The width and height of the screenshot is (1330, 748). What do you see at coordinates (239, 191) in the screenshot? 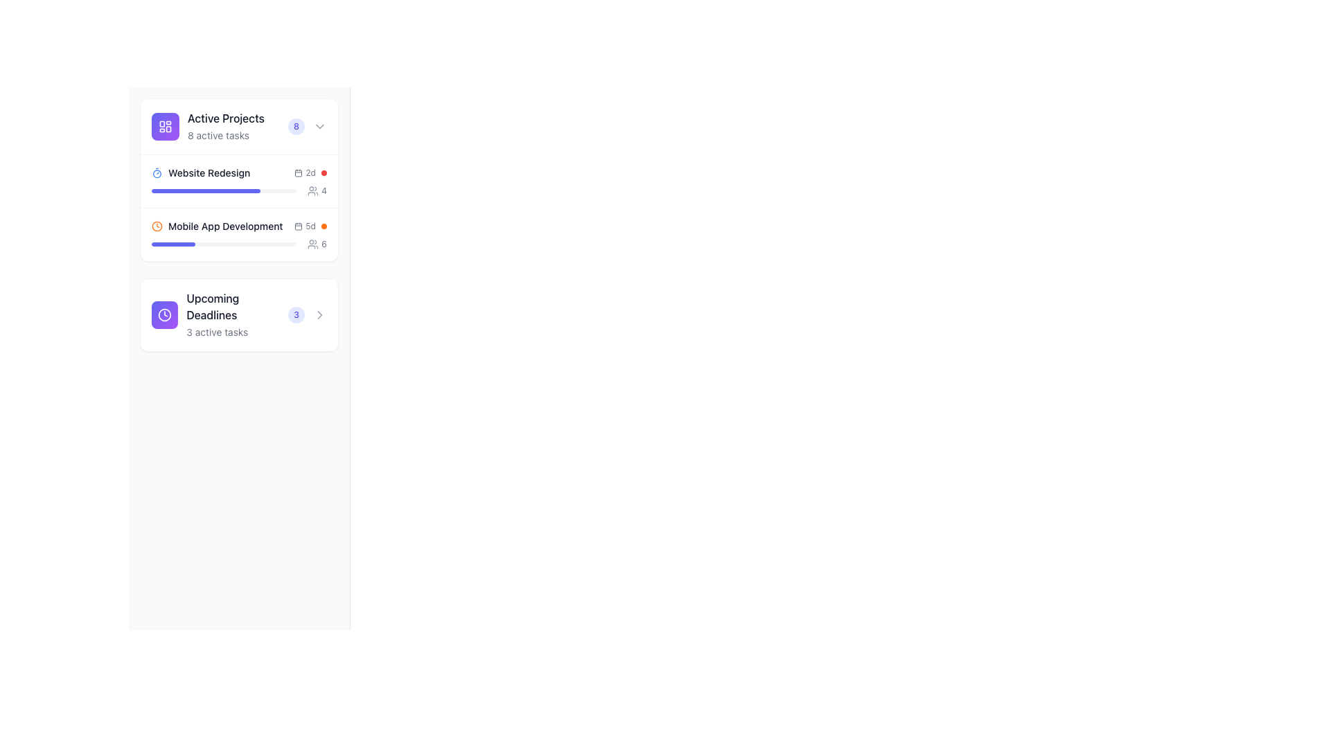
I see `the completion status of the progress bar located within the 'Website Redesign' task card, positioned directly below the title and deadline indicator` at bounding box center [239, 191].